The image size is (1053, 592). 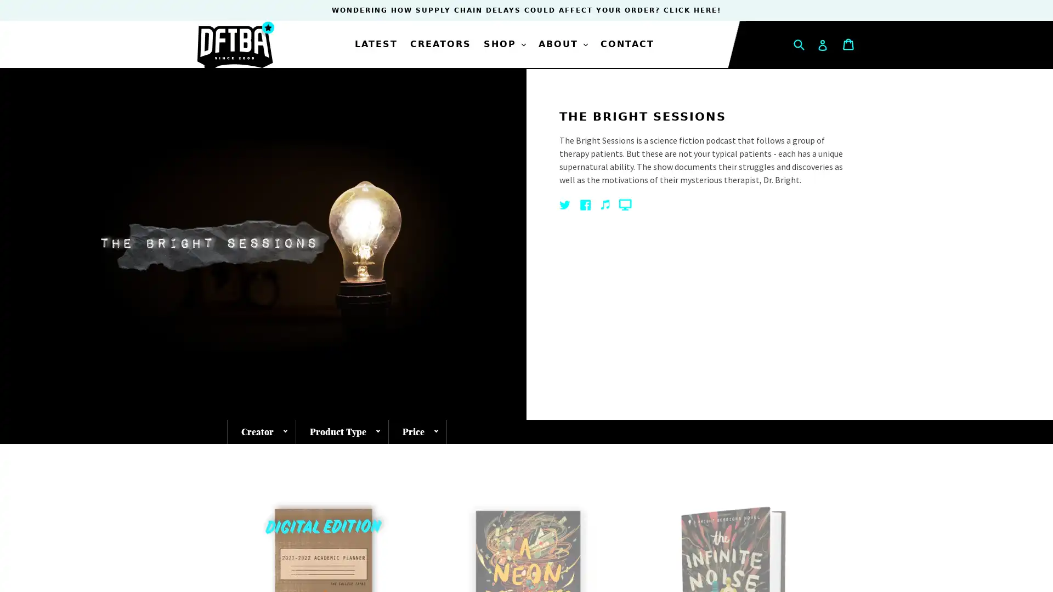 I want to click on SIGN ME UP!, so click(x=526, y=402).